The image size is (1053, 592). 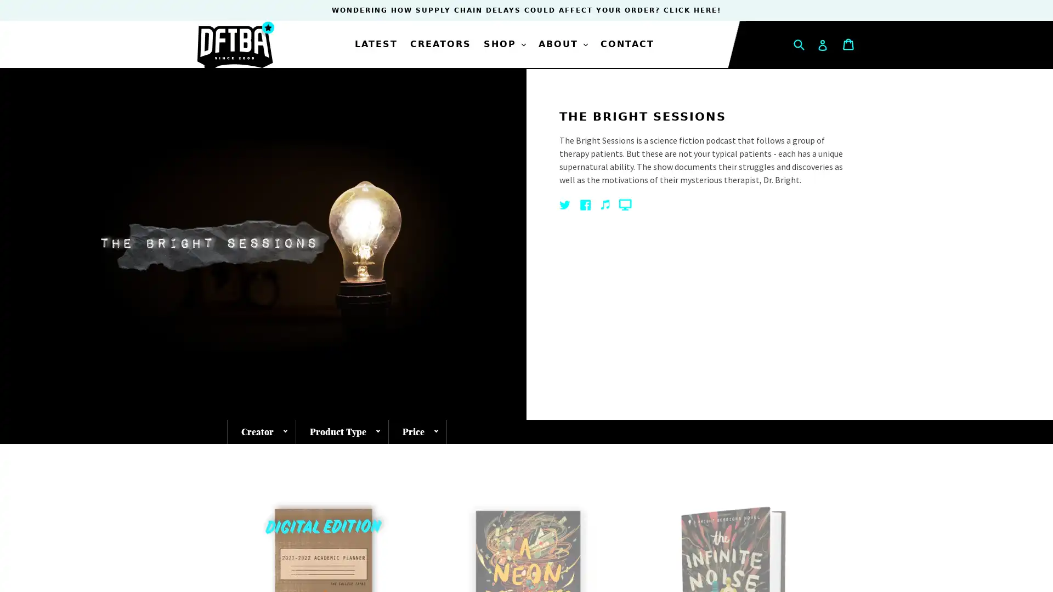 I want to click on SIGN ME UP!, so click(x=526, y=402).